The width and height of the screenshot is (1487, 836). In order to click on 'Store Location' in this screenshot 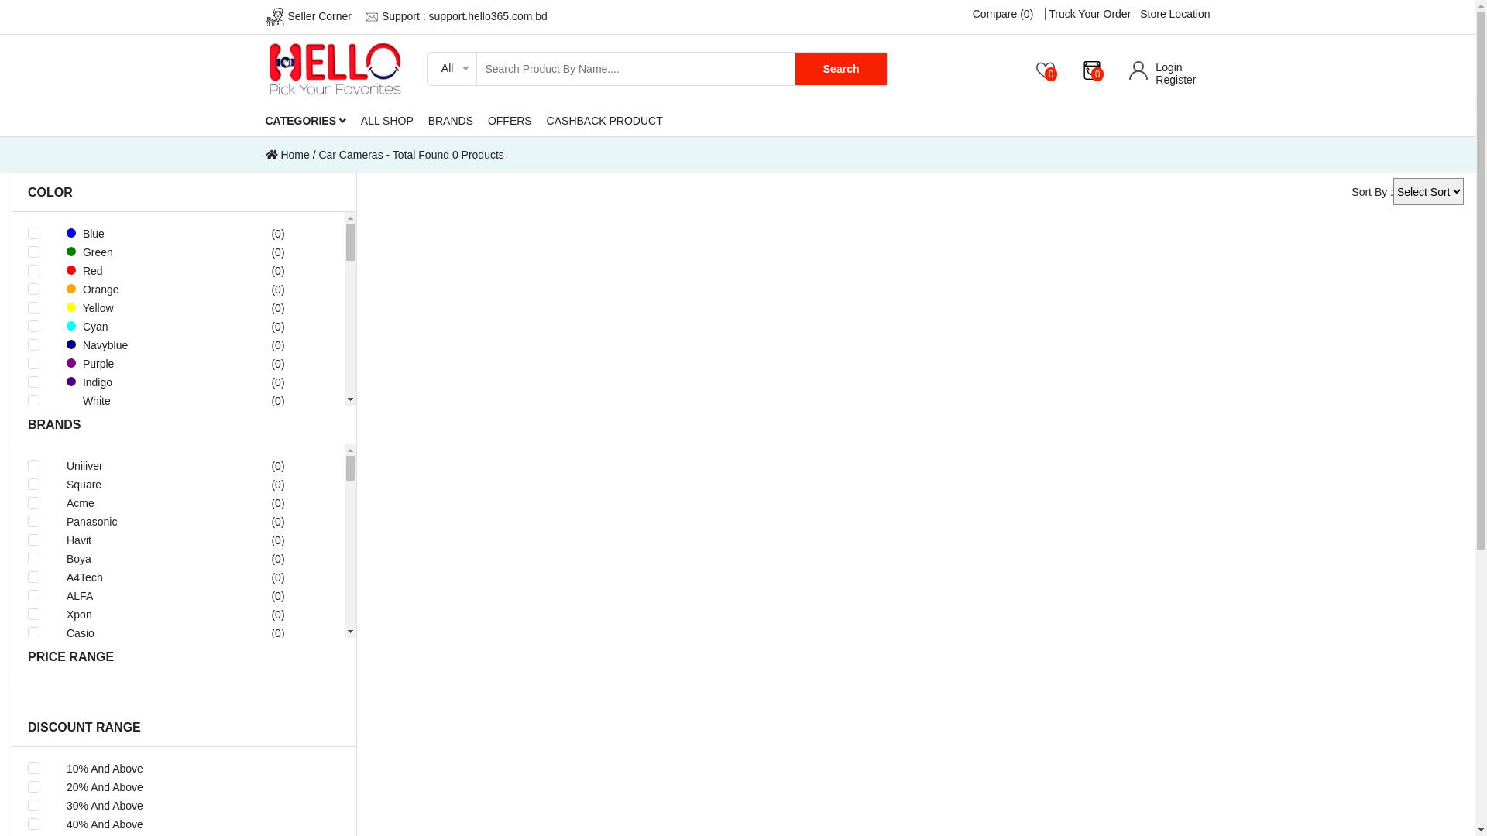, I will do `click(1174, 14)`.